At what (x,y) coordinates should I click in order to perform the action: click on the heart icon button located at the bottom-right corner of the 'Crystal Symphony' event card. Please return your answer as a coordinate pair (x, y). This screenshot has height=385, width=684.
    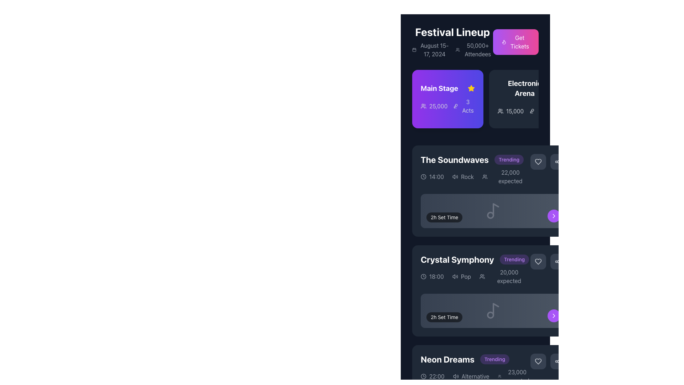
    Looking at the image, I should click on (538, 361).